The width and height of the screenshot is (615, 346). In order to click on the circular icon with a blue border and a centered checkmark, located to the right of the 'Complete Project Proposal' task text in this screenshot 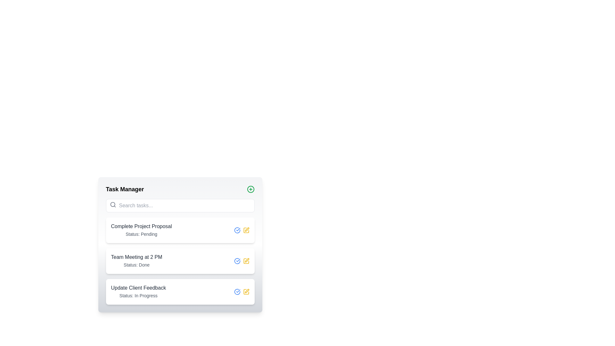, I will do `click(237, 230)`.